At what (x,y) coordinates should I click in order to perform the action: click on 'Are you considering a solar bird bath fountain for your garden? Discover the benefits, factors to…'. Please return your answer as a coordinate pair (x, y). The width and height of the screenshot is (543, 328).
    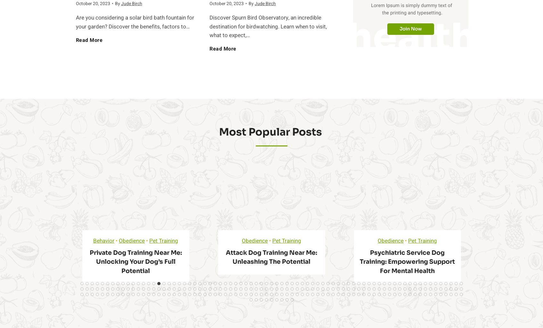
    Looking at the image, I should click on (75, 22).